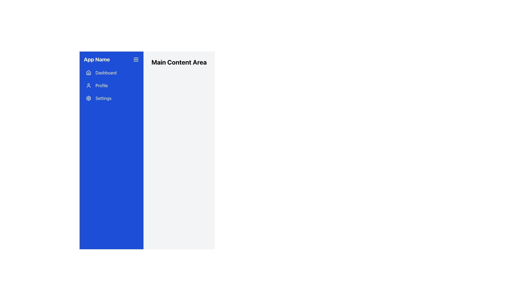  What do you see at coordinates (111, 73) in the screenshot?
I see `the 'Dashboard' button located in the left sidebar for navigation` at bounding box center [111, 73].